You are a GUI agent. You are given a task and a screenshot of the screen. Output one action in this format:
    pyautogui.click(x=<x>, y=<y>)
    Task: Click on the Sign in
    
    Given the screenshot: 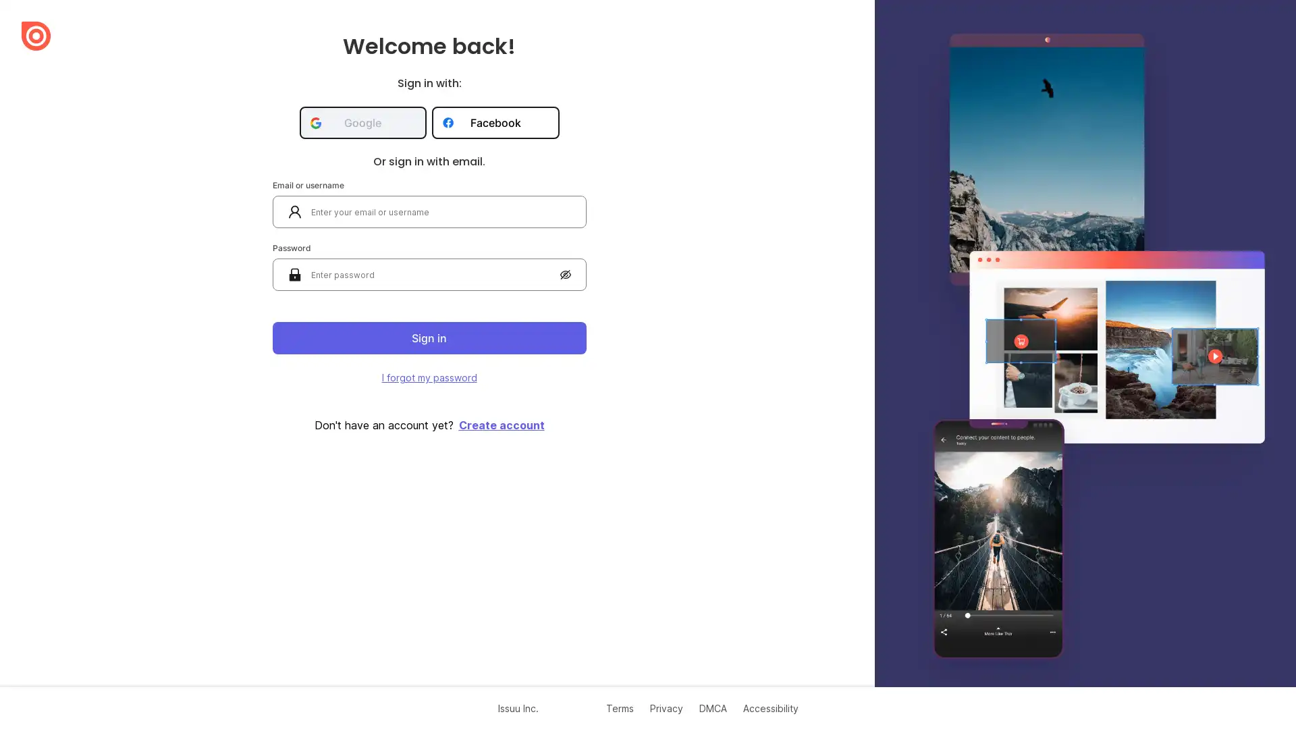 What is the action you would take?
    pyautogui.click(x=428, y=337)
    